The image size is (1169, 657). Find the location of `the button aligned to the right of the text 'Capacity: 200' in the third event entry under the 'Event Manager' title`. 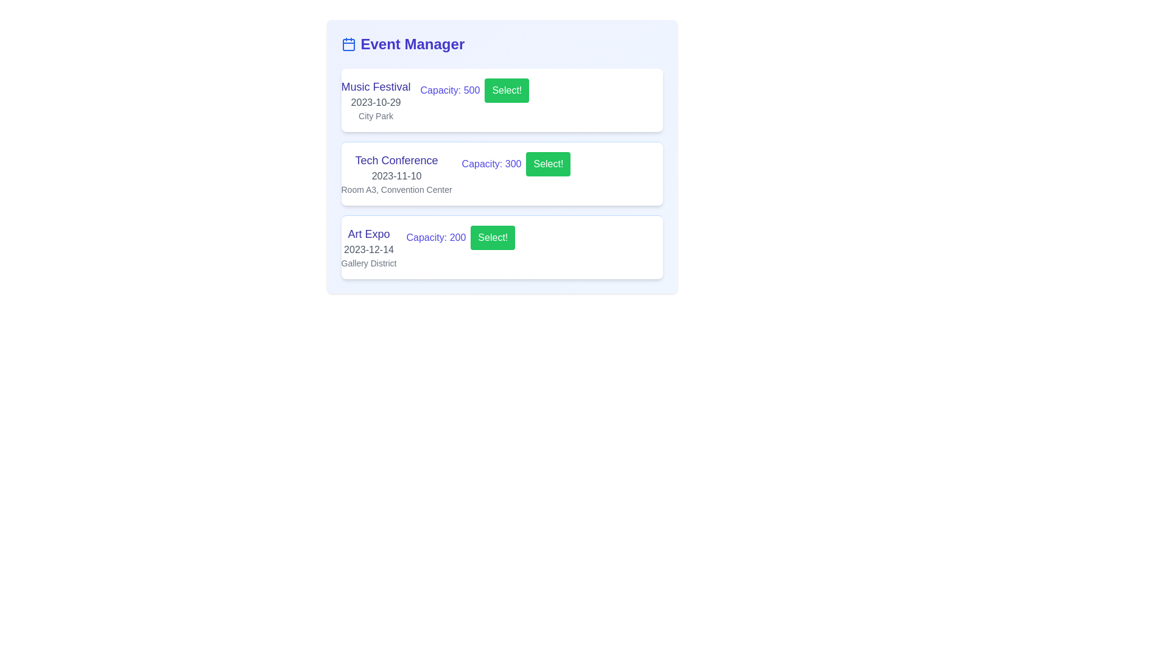

the button aligned to the right of the text 'Capacity: 200' in the third event entry under the 'Event Manager' title is located at coordinates (493, 237).